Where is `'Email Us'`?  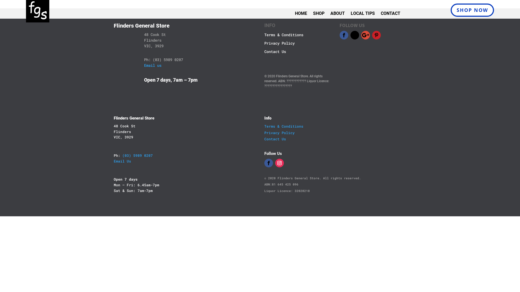 'Email Us' is located at coordinates (122, 161).